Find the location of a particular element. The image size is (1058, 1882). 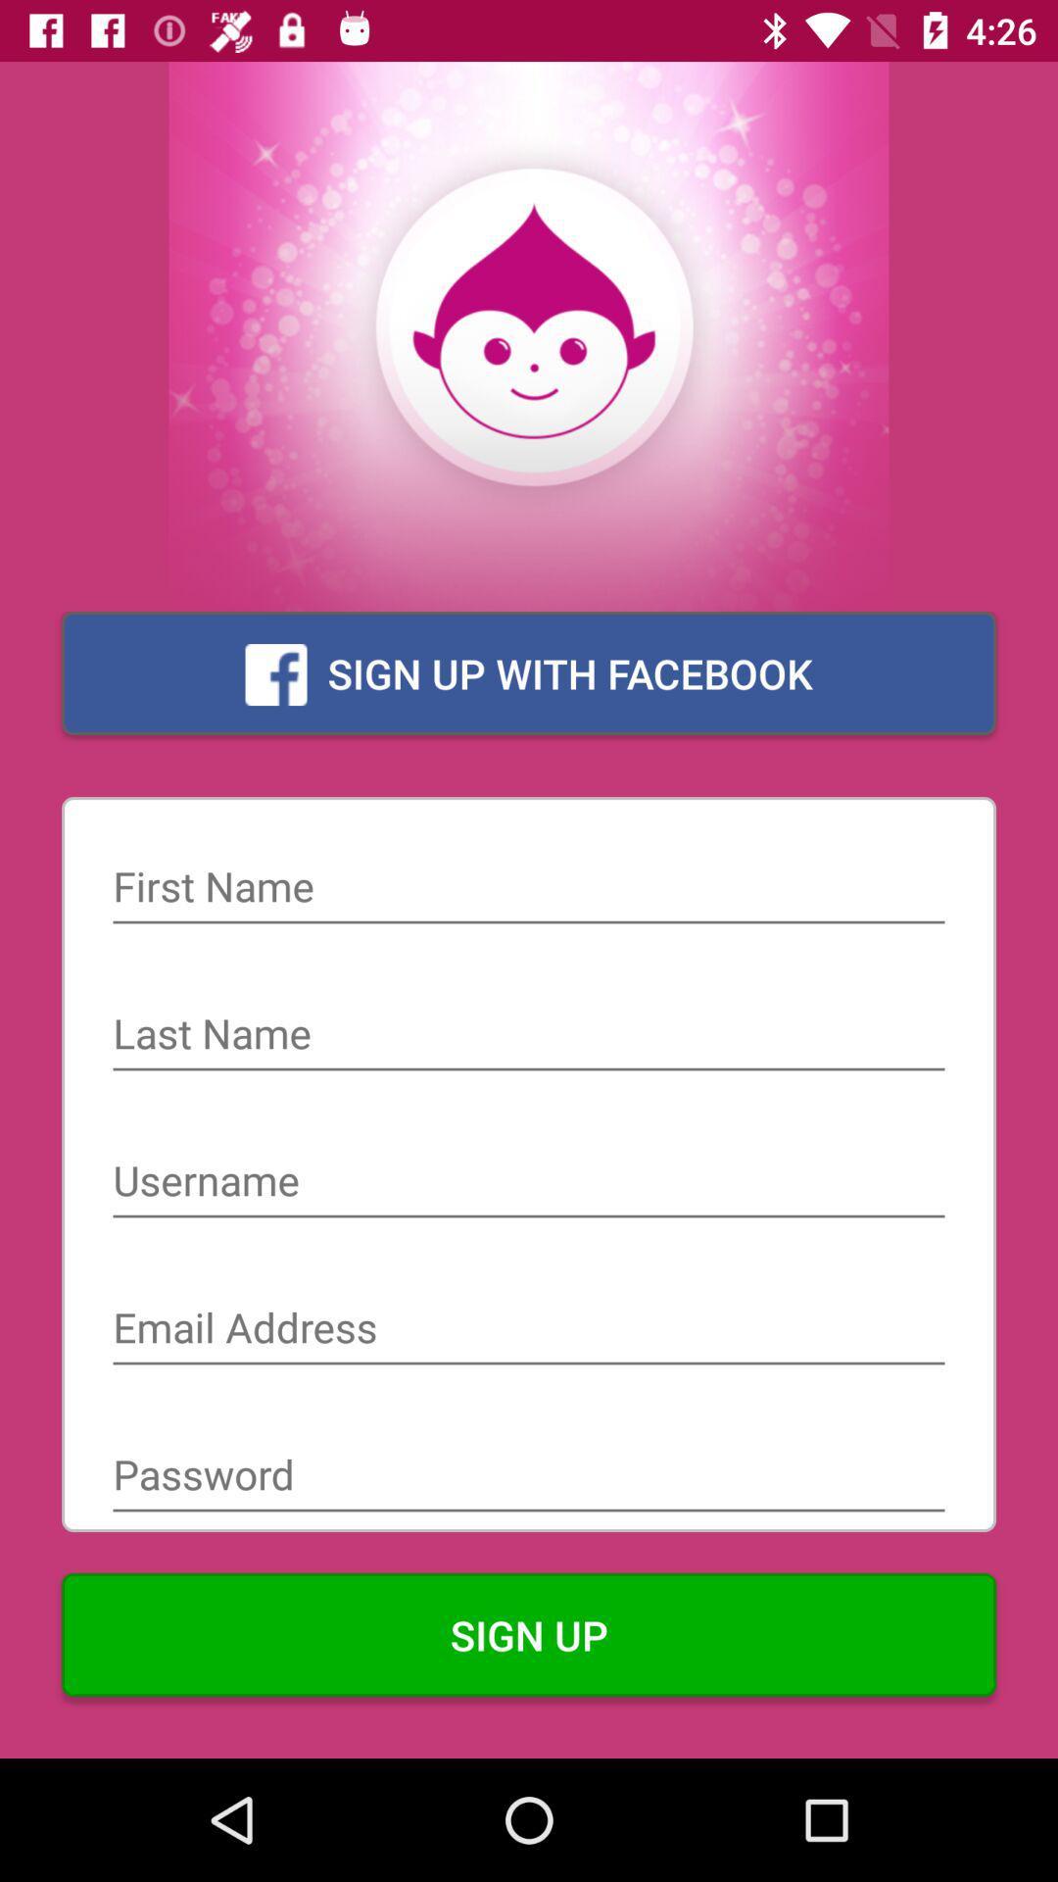

autoplay is located at coordinates (529, 1035).